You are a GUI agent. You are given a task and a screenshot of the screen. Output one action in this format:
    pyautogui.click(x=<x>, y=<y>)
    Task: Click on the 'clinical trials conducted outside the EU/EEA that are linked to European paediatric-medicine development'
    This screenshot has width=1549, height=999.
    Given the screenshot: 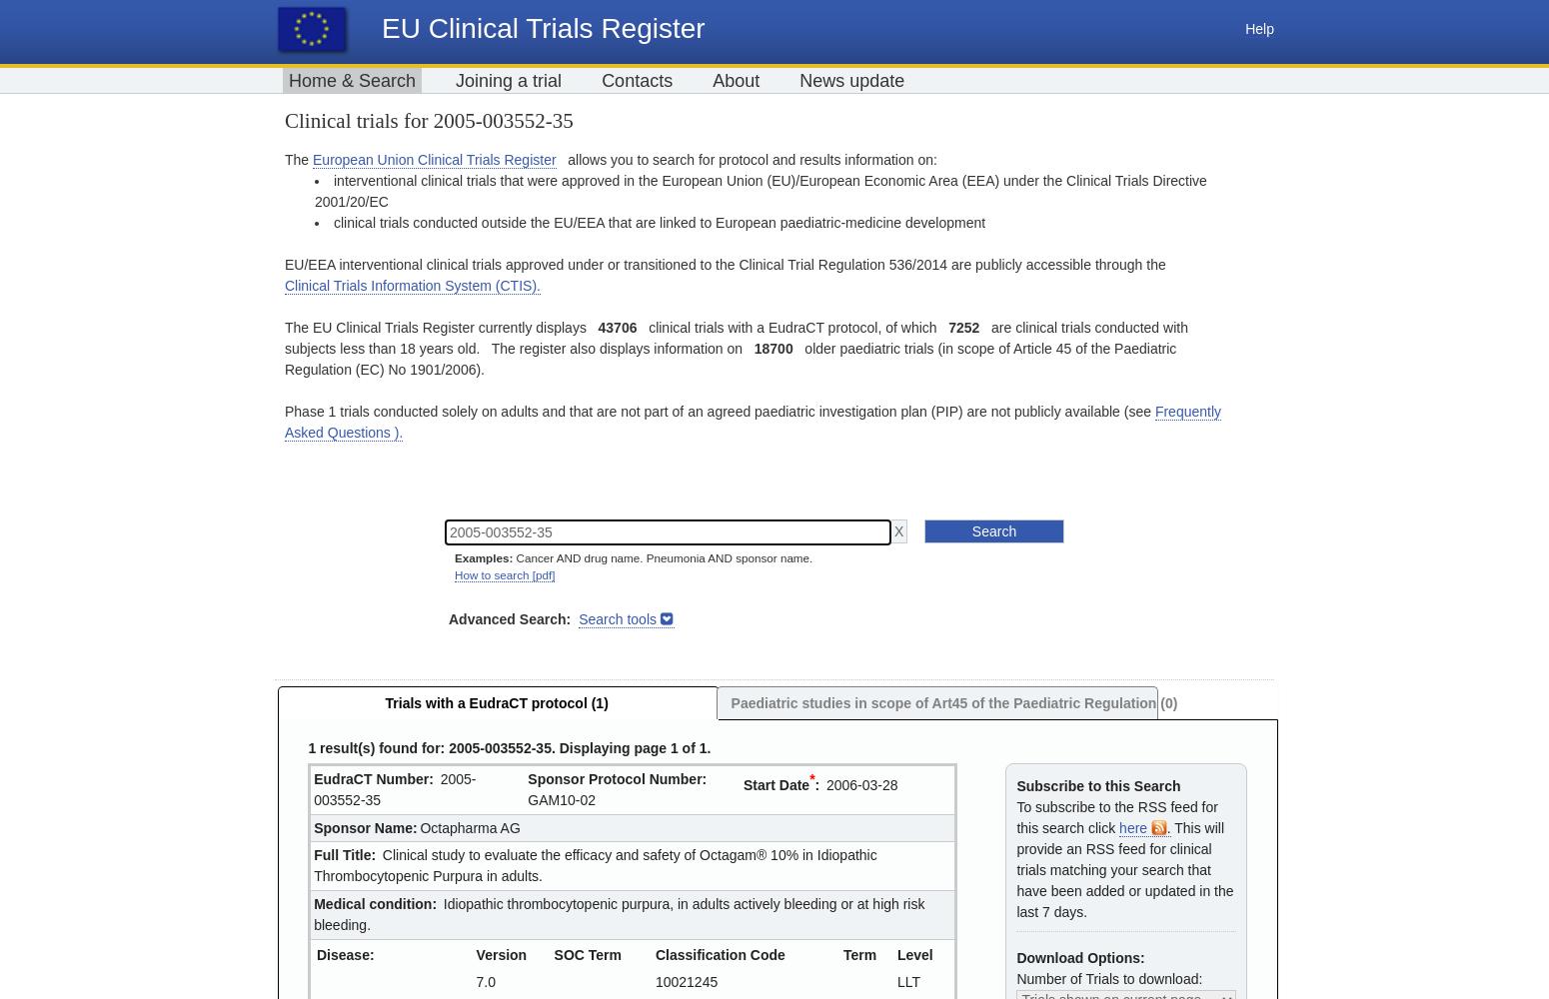 What is the action you would take?
    pyautogui.click(x=658, y=221)
    